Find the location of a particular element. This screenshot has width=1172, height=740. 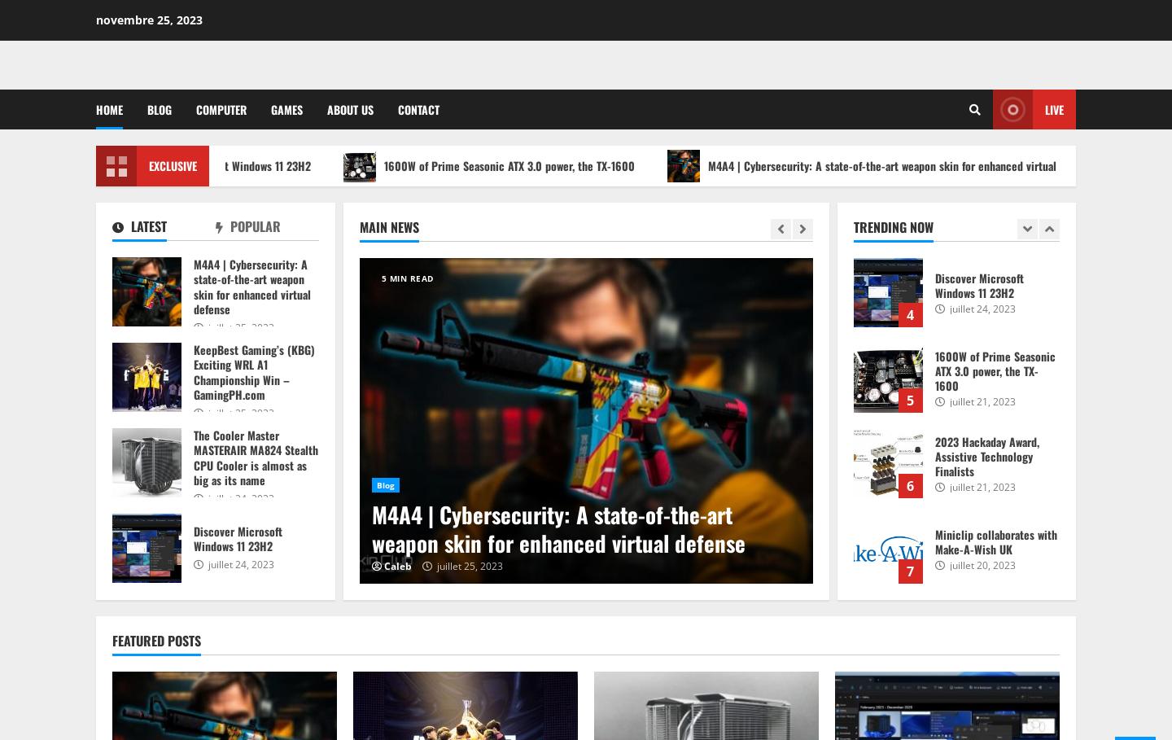

'novembre 25, 2023' is located at coordinates (149, 19).